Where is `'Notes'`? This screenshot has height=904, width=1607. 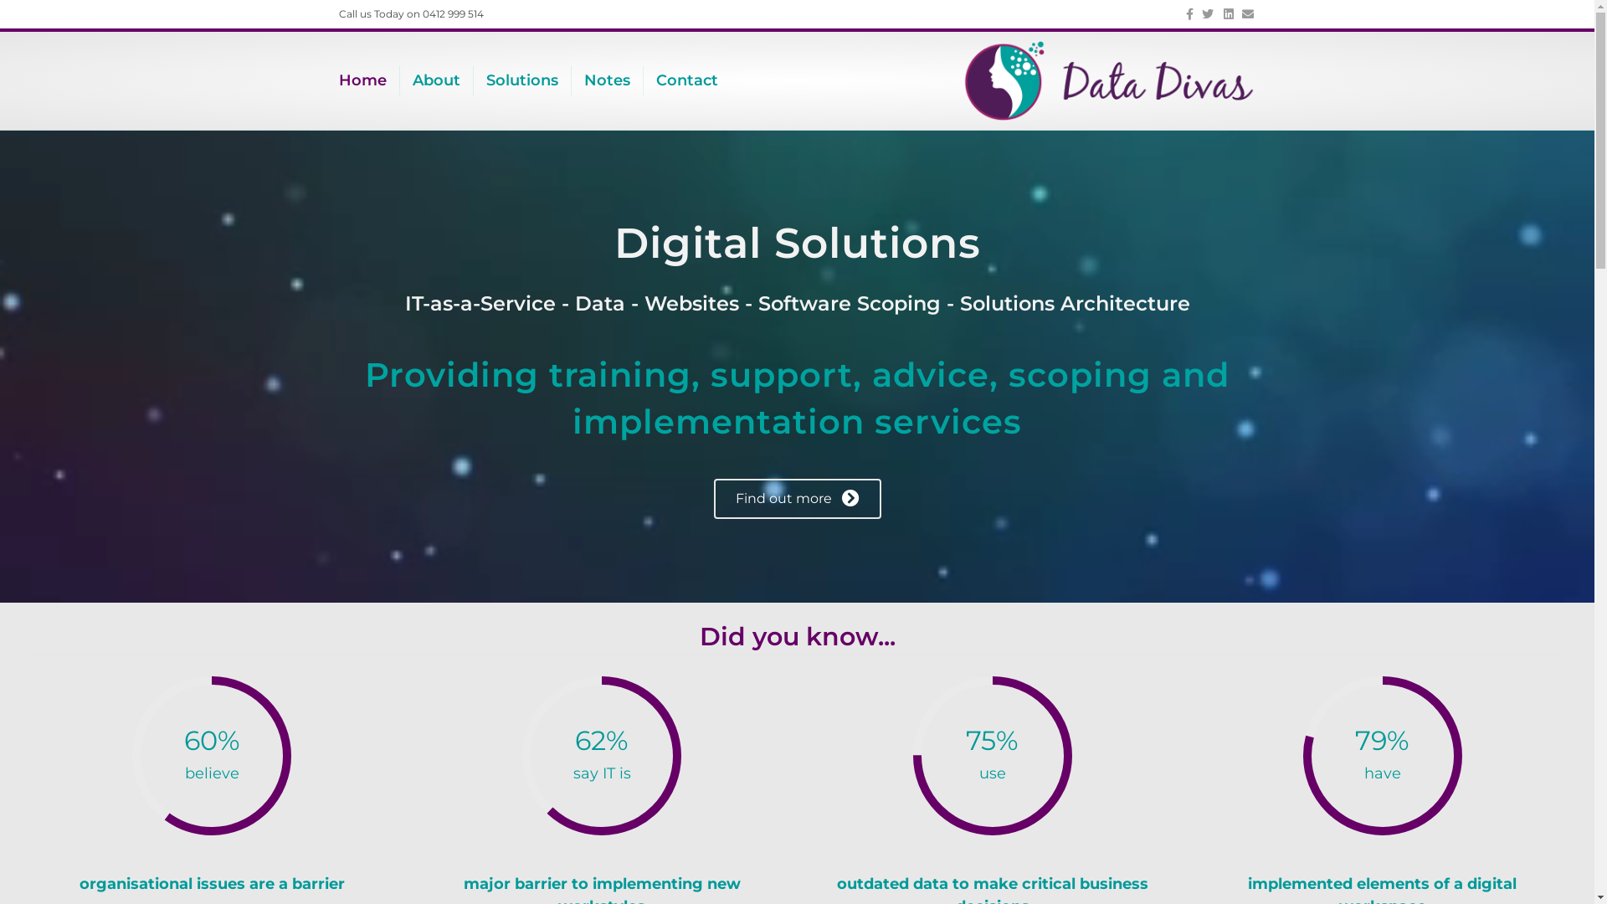 'Notes' is located at coordinates (606, 80).